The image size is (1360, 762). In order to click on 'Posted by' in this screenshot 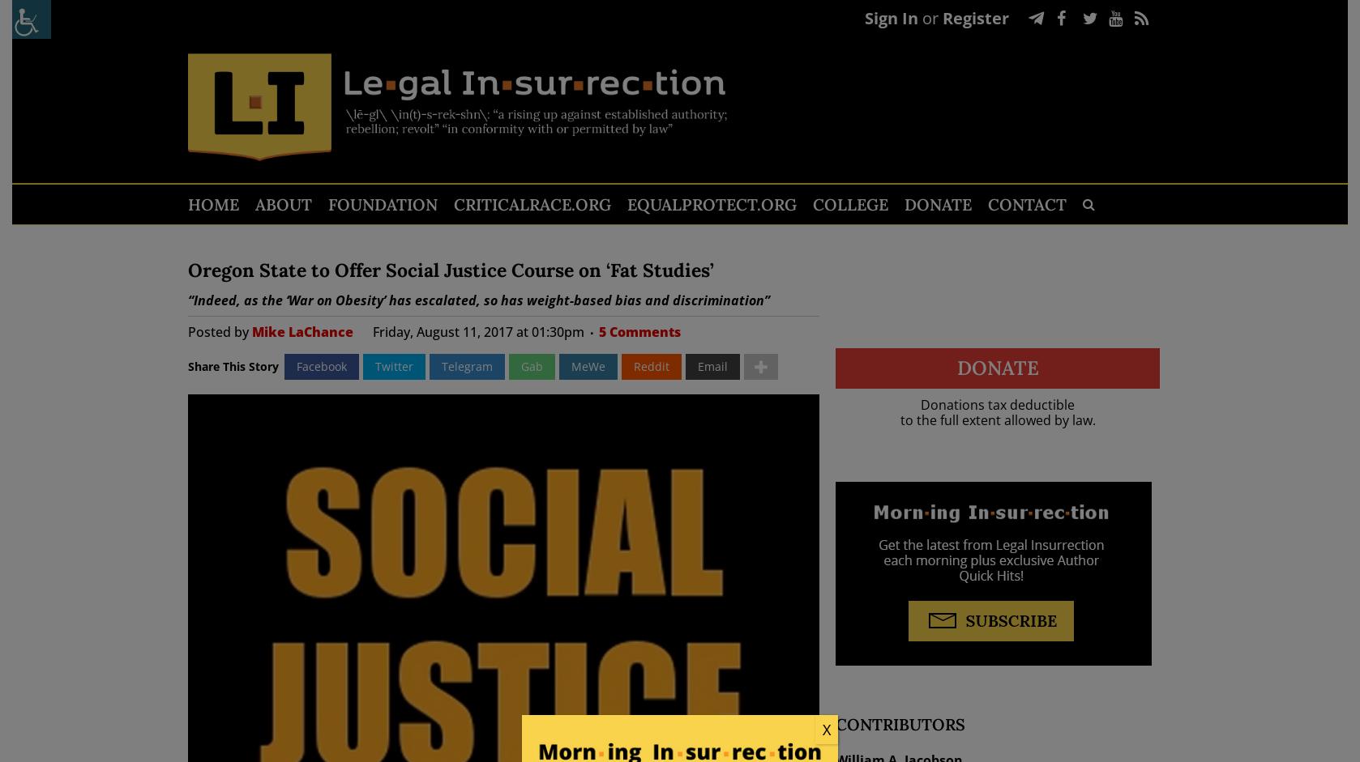, I will do `click(219, 330)`.